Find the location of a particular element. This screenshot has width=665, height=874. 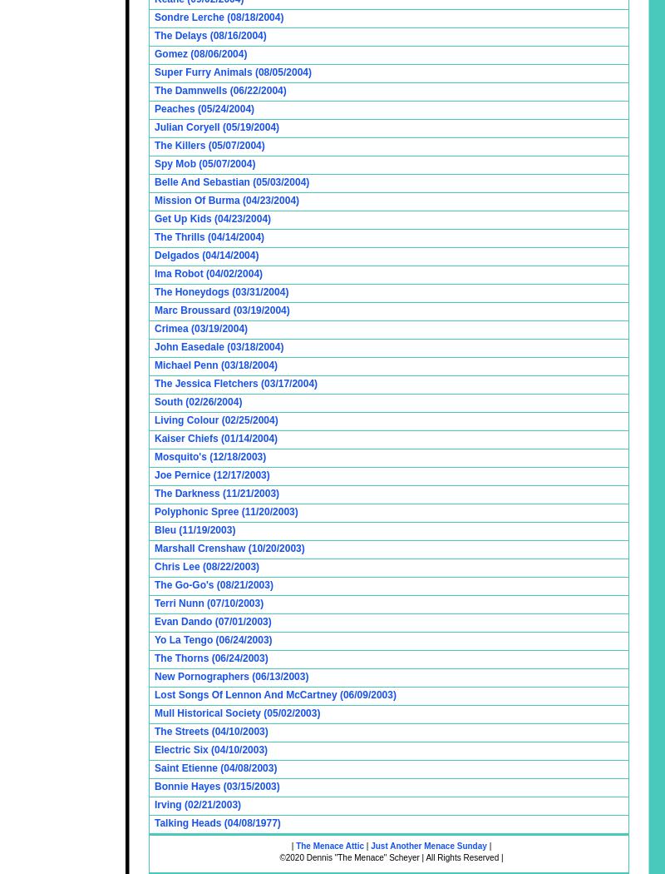

'Bonnie Hayes (03/15/2003)' is located at coordinates (215, 786).